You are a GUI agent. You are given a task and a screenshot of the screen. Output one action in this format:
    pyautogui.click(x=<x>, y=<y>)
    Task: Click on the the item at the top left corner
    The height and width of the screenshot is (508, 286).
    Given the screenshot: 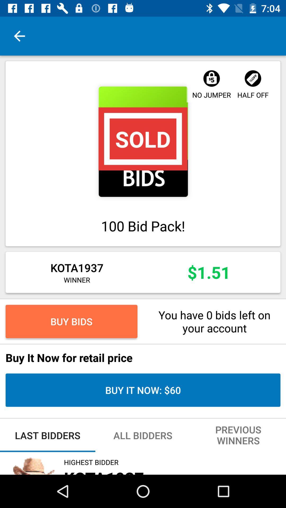 What is the action you would take?
    pyautogui.click(x=19, y=36)
    